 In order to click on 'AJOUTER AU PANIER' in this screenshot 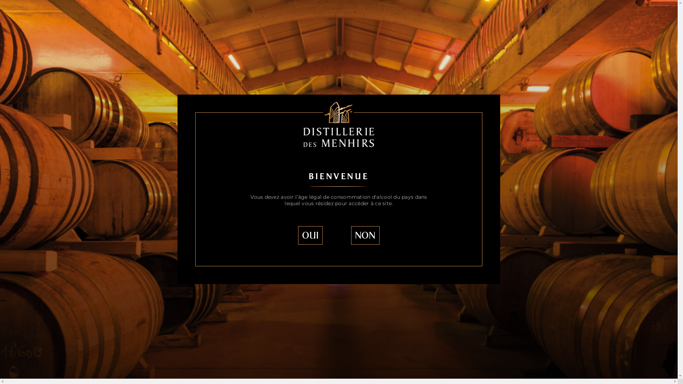, I will do `click(523, 101)`.